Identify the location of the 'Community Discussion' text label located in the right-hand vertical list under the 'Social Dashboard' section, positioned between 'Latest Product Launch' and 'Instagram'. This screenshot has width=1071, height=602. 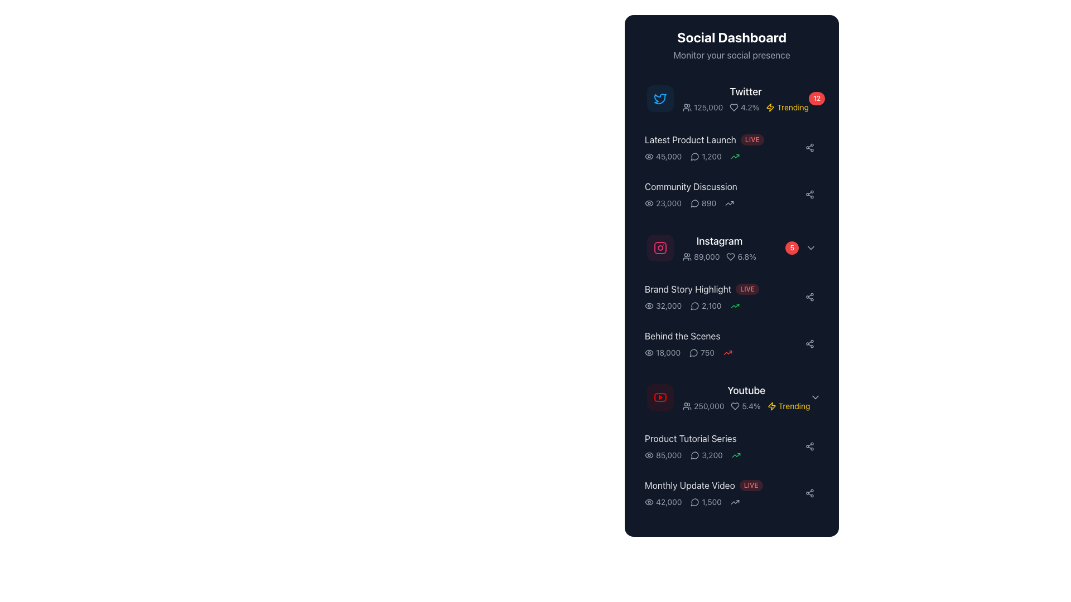
(690, 186).